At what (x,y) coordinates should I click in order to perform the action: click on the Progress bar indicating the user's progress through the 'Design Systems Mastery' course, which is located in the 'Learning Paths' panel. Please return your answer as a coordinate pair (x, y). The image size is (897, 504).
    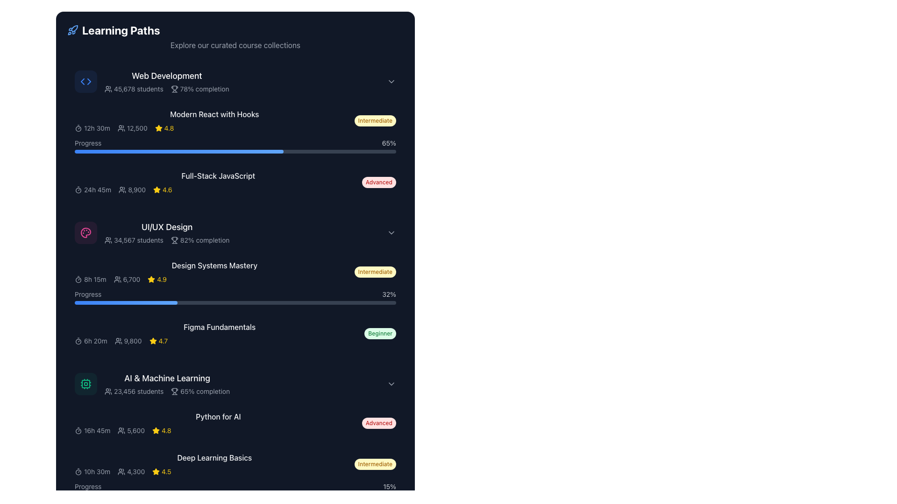
    Looking at the image, I should click on (235, 297).